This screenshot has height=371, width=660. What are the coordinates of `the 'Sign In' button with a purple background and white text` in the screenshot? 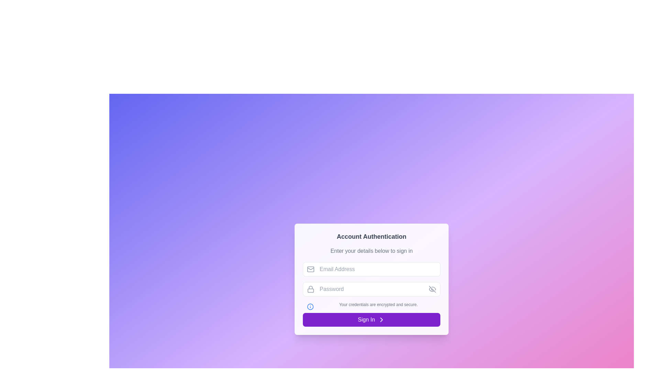 It's located at (371, 319).